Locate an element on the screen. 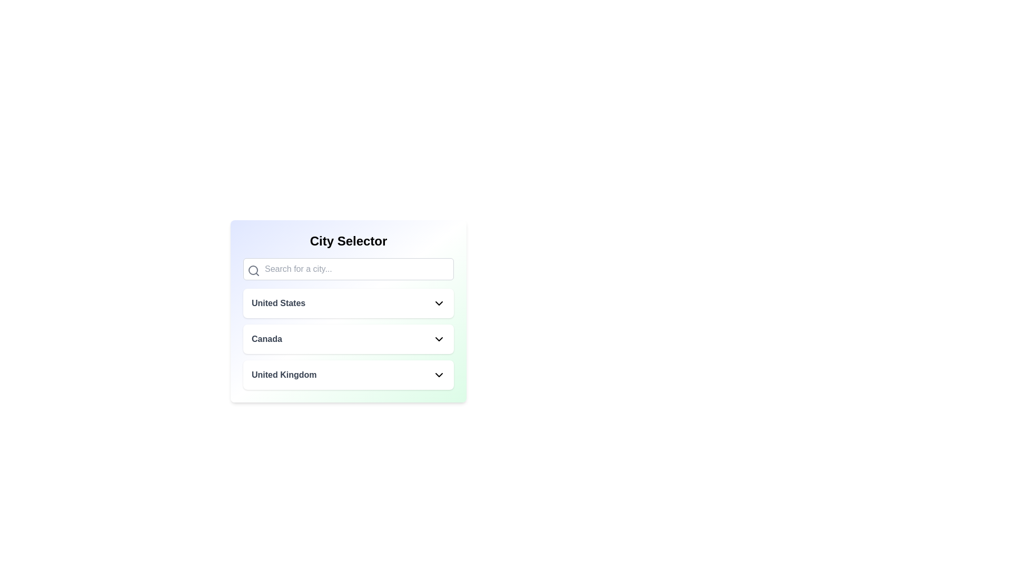 Image resolution: width=1011 pixels, height=569 pixels. the 'United Kingdom' option in the dropdown list is located at coordinates (349, 375).